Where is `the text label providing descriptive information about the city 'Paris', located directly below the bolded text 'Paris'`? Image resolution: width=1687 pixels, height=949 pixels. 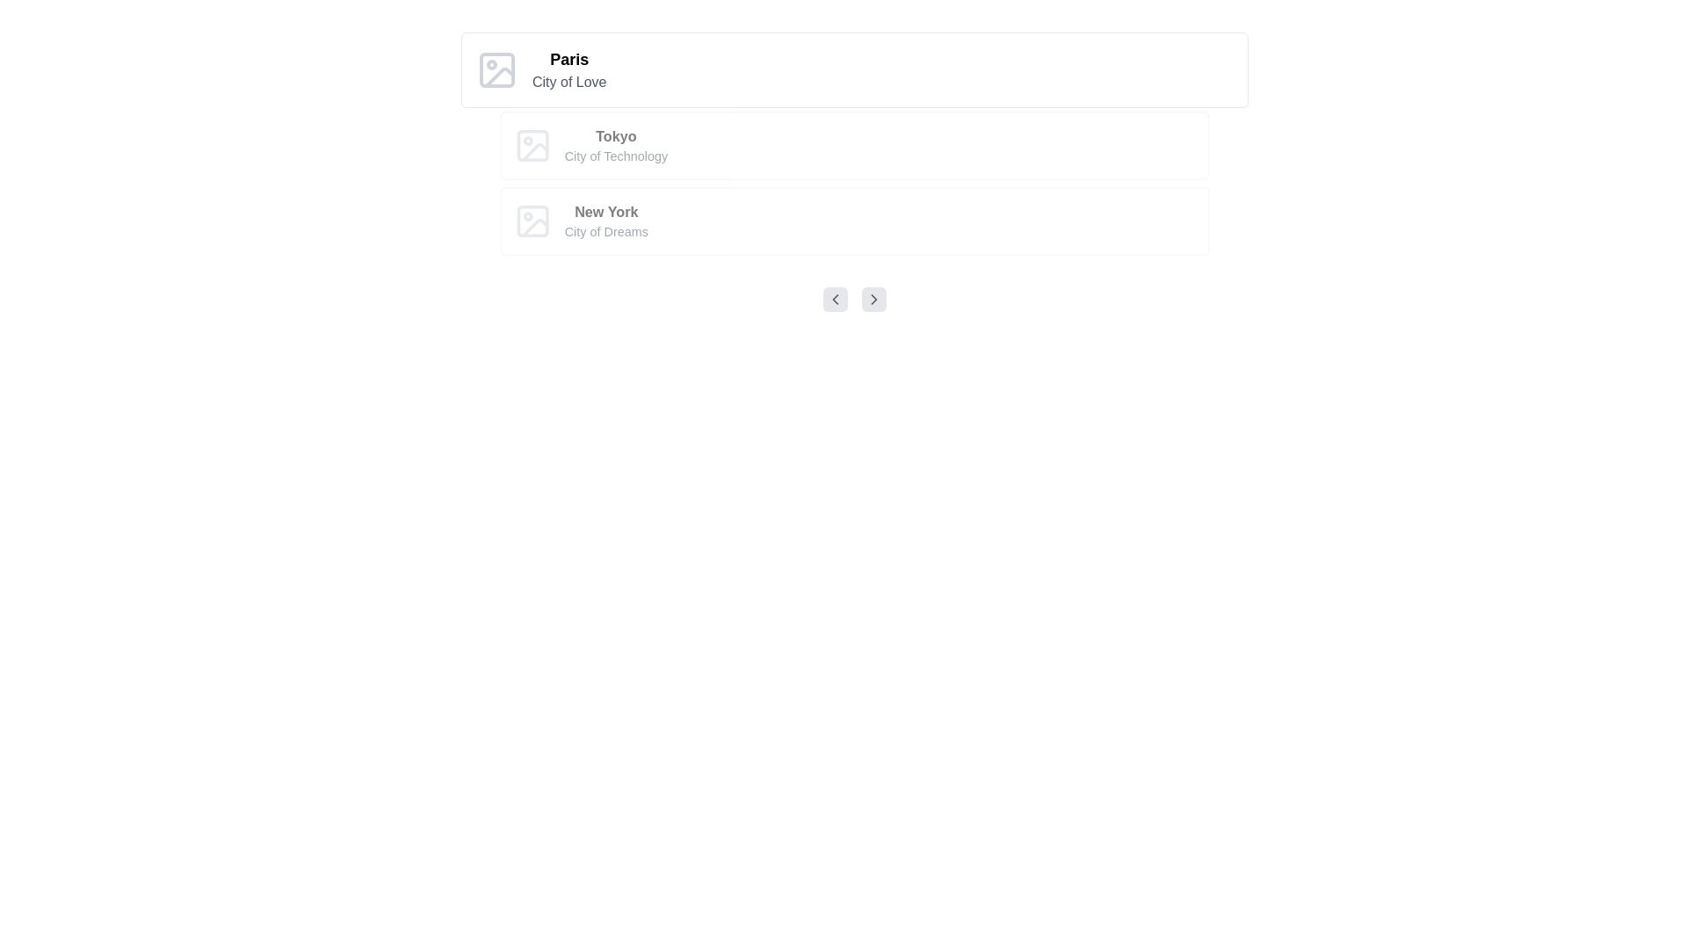
the text label providing descriptive information about the city 'Paris', located directly below the bolded text 'Paris' is located at coordinates (569, 82).